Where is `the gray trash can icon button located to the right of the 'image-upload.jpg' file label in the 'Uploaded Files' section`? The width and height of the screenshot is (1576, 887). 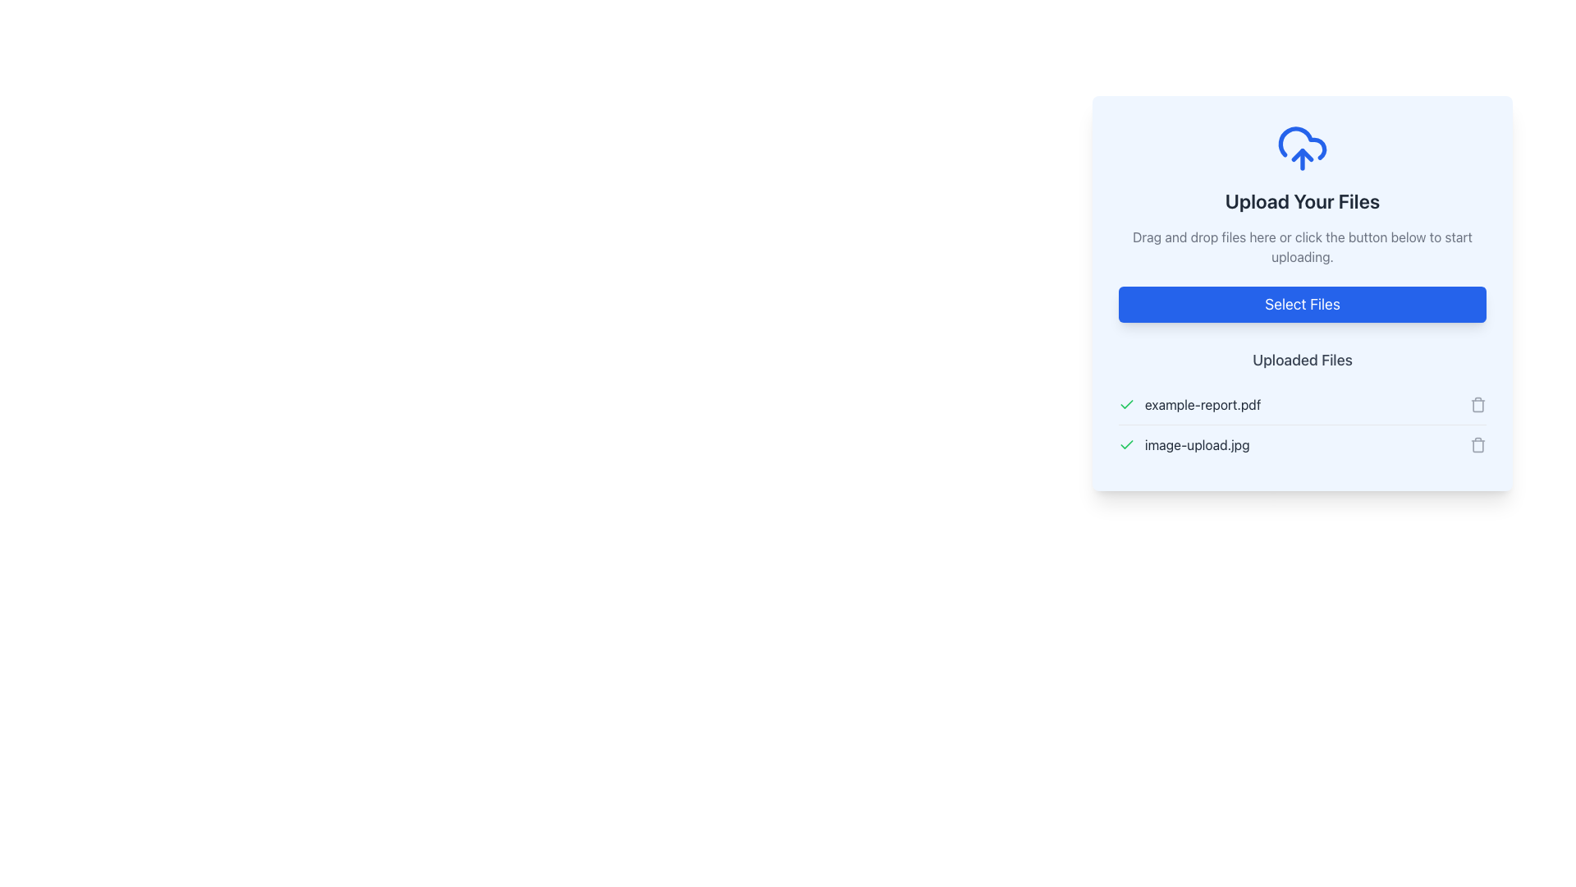
the gray trash can icon button located to the right of the 'image-upload.jpg' file label in the 'Uploaded Files' section is located at coordinates (1477, 445).